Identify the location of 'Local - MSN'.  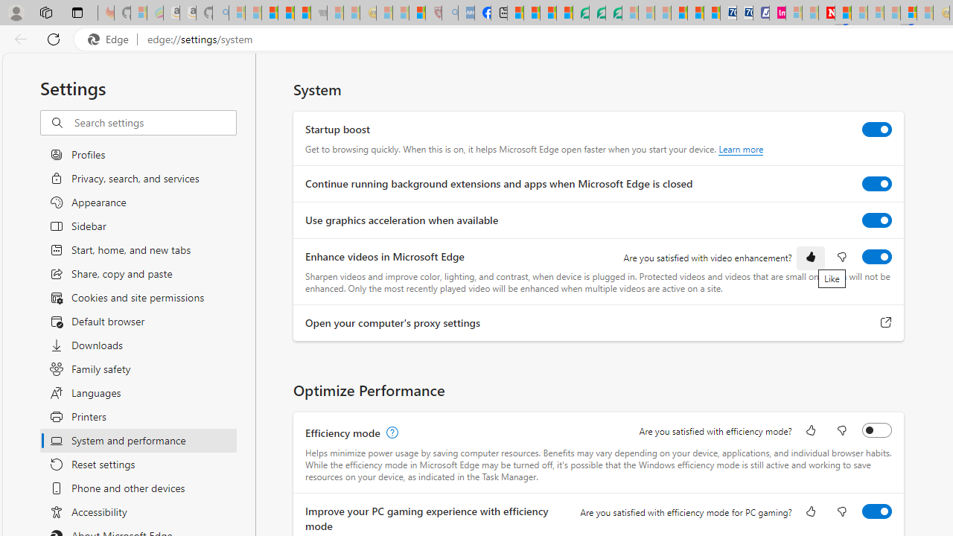
(417, 13).